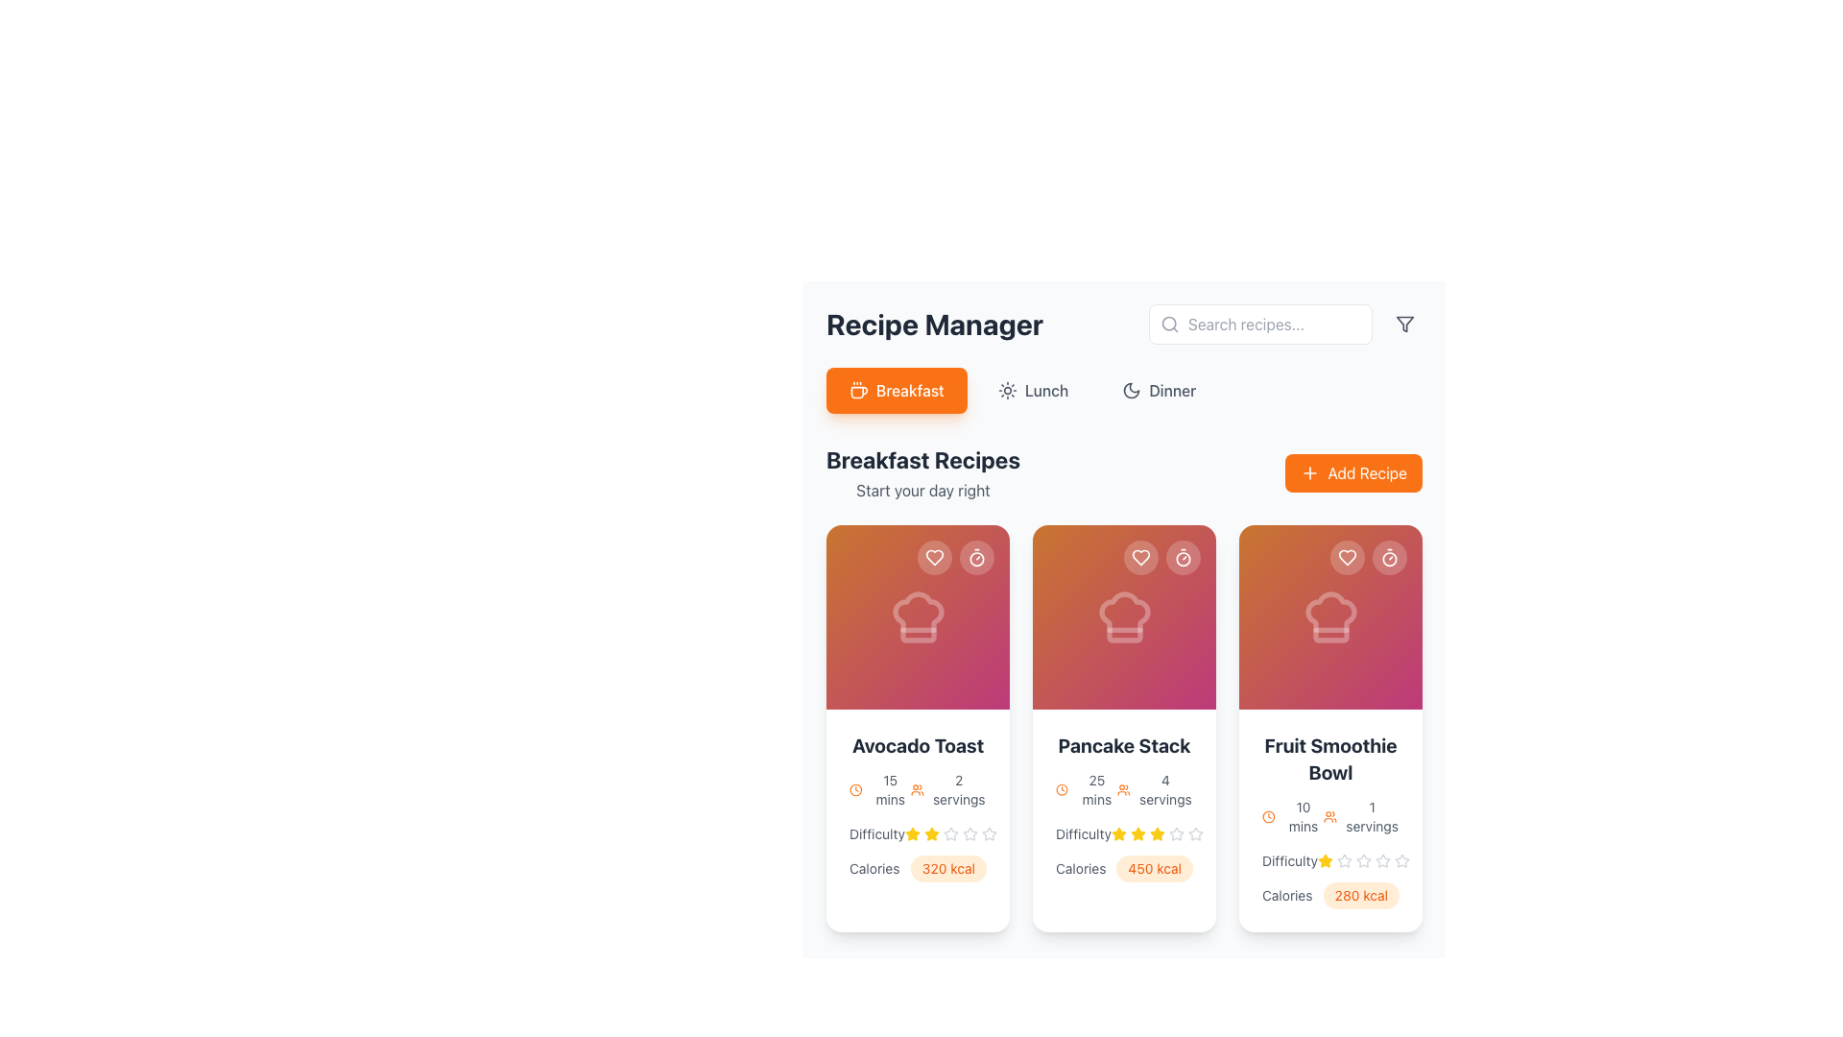  Describe the element at coordinates (896, 390) in the screenshot. I see `the 'Breakfast' button, which is a vibrant orange rectangular button with rounded corners and a coffee cup icon on the left` at that location.